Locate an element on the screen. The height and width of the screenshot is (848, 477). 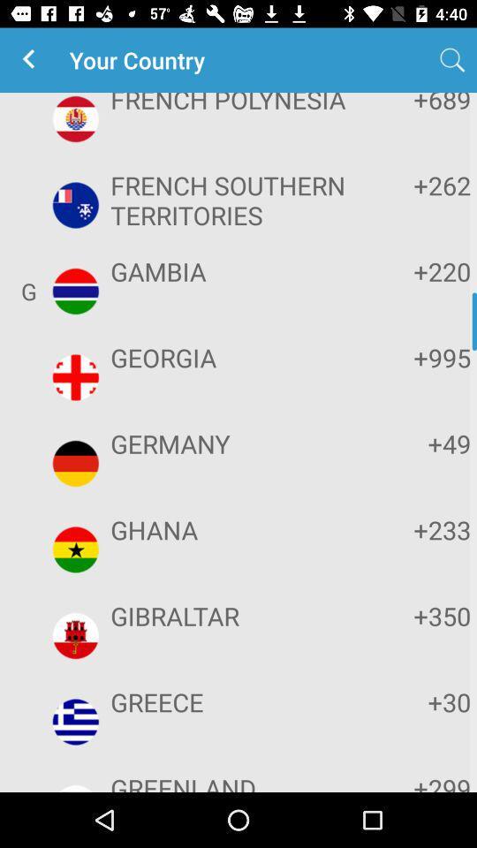
item below germany app is located at coordinates (236, 529).